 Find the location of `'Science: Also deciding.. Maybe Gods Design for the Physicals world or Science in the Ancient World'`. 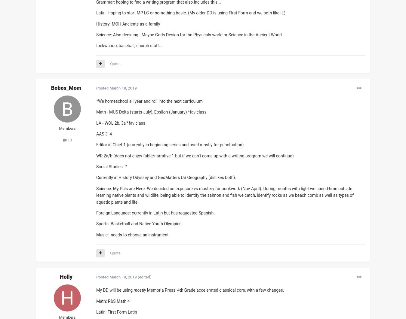

'Science: Also deciding.. Maybe Gods Design for the Physicals world or Science in the Ancient World' is located at coordinates (96, 35).